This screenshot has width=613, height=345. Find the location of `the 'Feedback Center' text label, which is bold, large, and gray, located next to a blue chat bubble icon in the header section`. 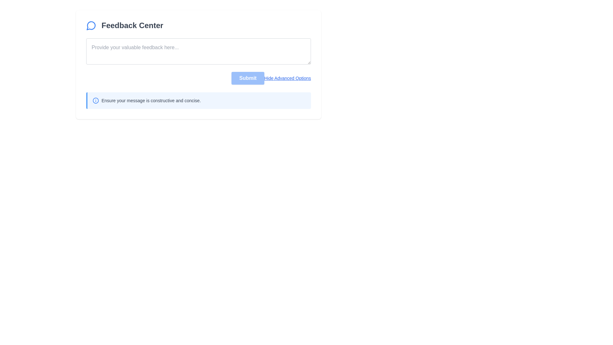

the 'Feedback Center' text label, which is bold, large, and gray, located next to a blue chat bubble icon in the header section is located at coordinates (132, 25).